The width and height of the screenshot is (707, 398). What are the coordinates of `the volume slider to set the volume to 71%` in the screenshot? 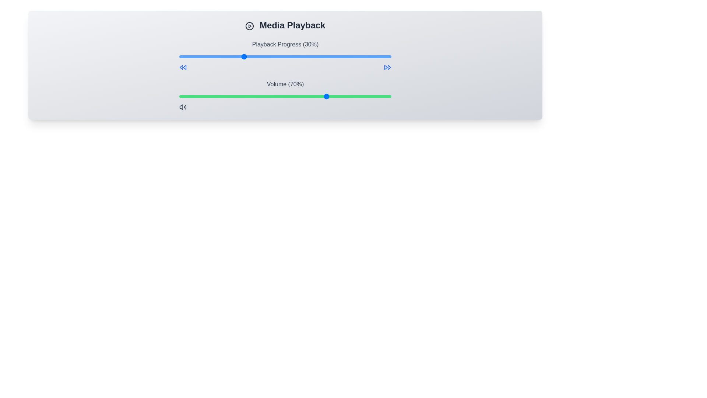 It's located at (329, 96).